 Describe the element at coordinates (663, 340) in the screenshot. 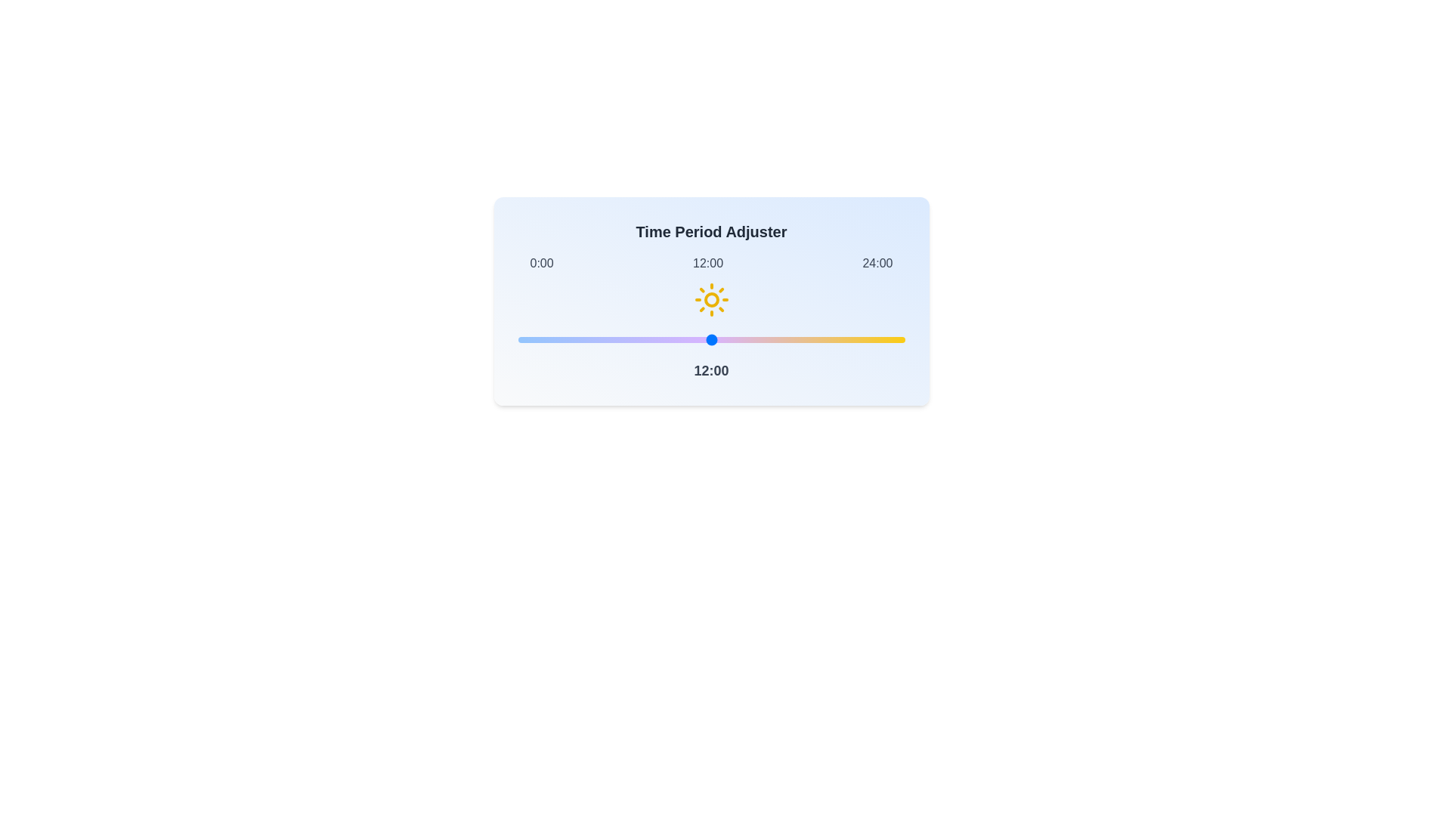

I see `the time slider to set the time to 9 hours` at that location.